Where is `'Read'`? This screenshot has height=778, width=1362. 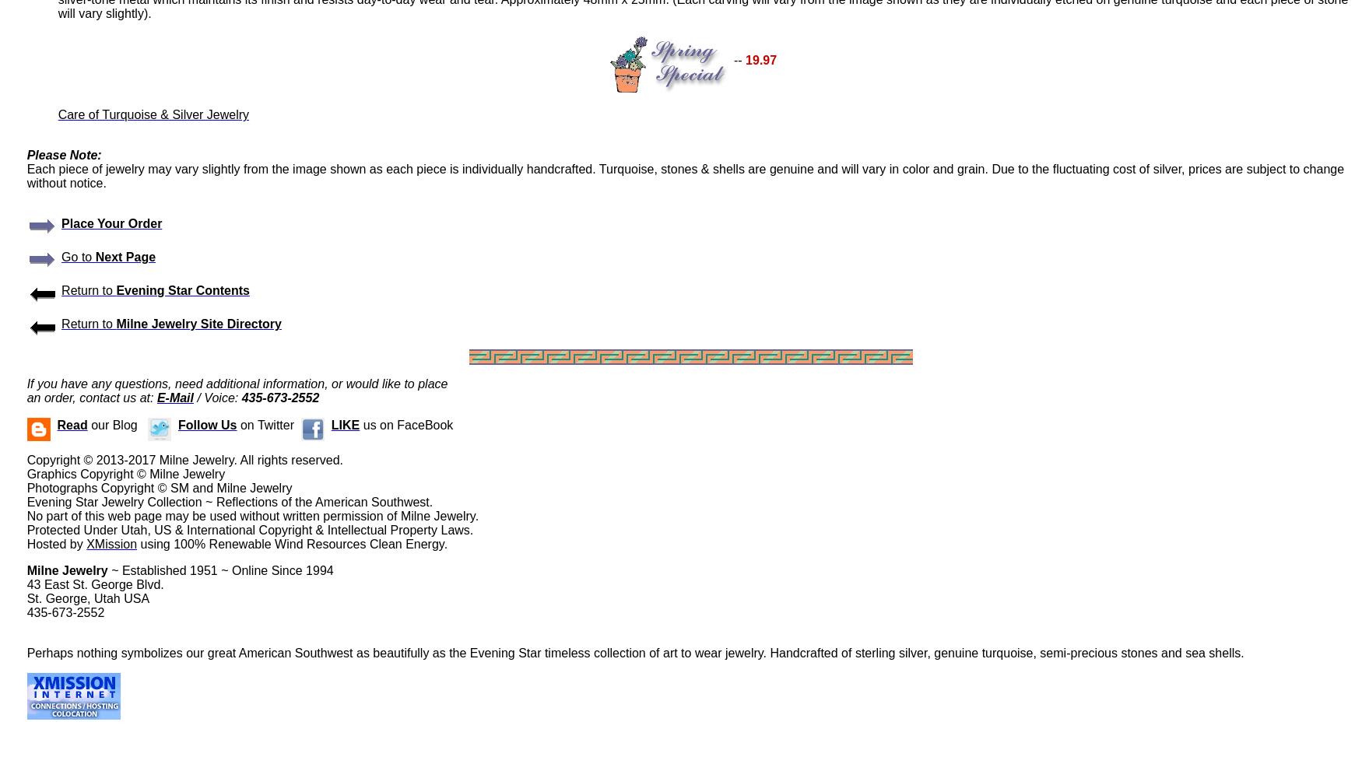 'Read' is located at coordinates (72, 425).